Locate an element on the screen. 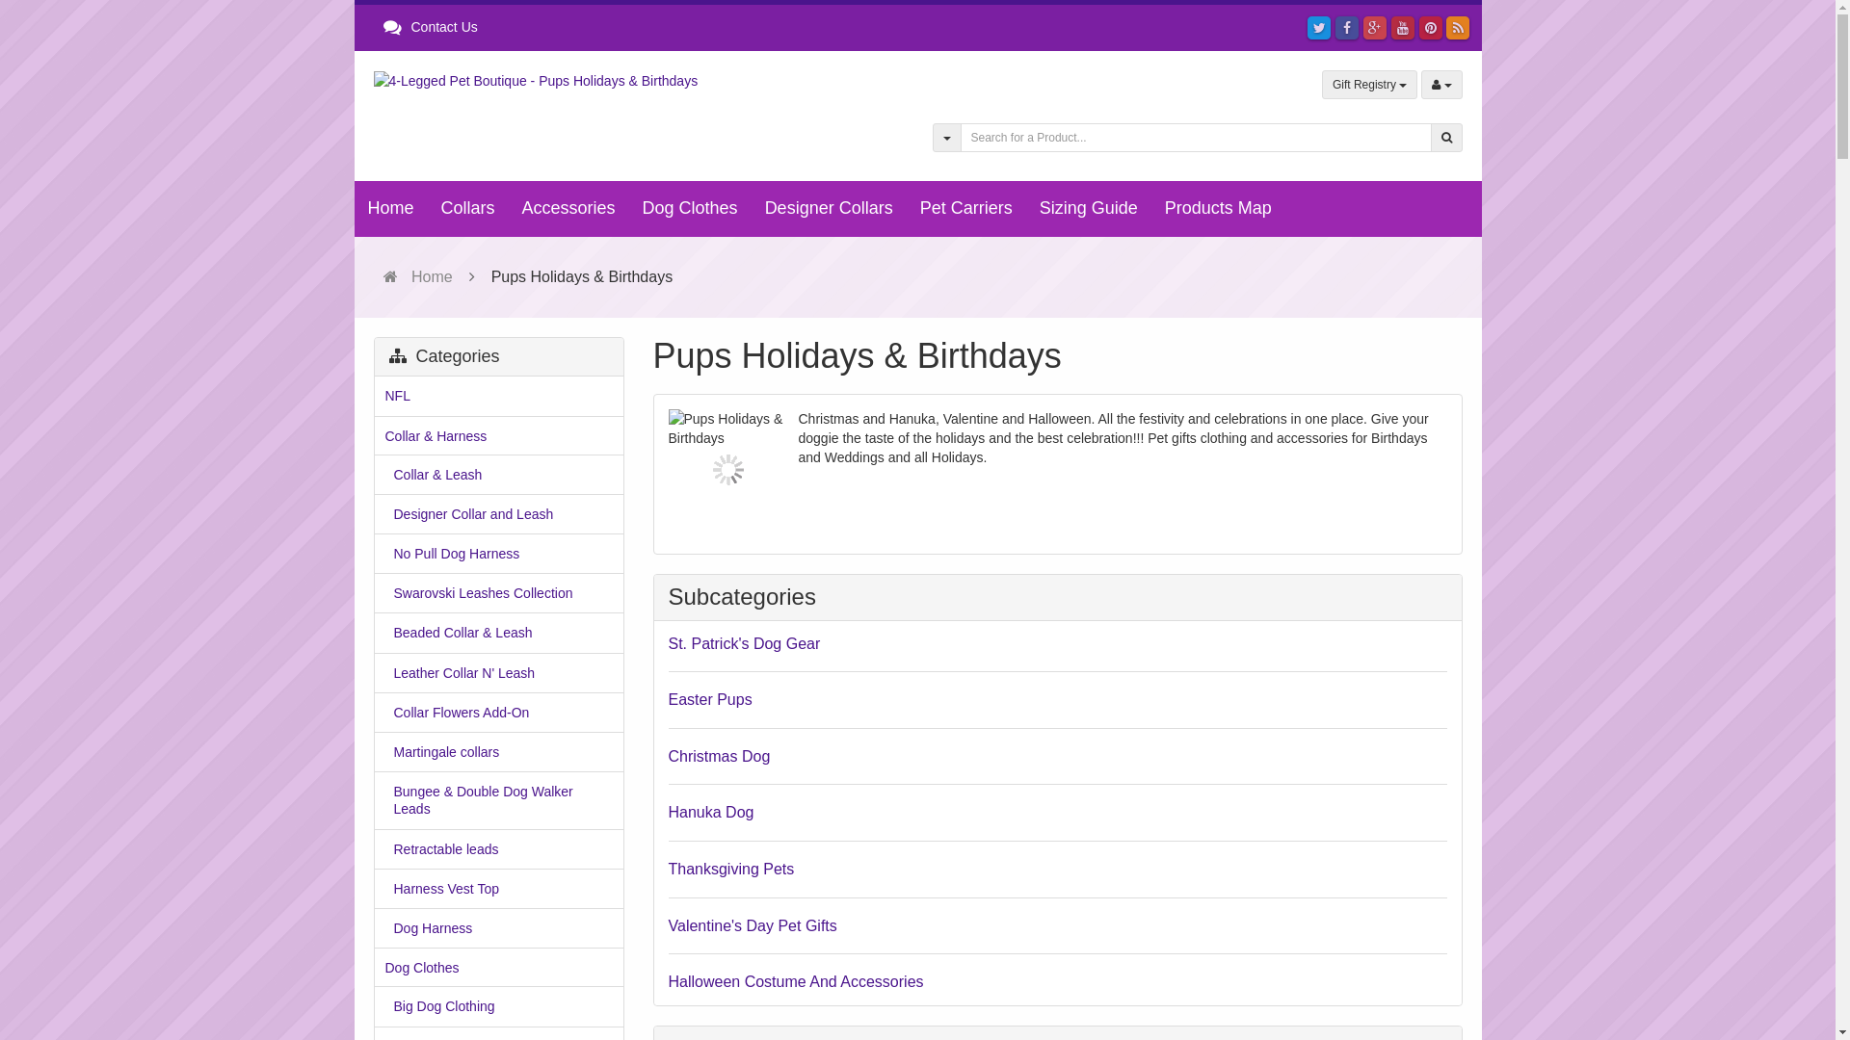  'Gift Registry' is located at coordinates (1321, 84).